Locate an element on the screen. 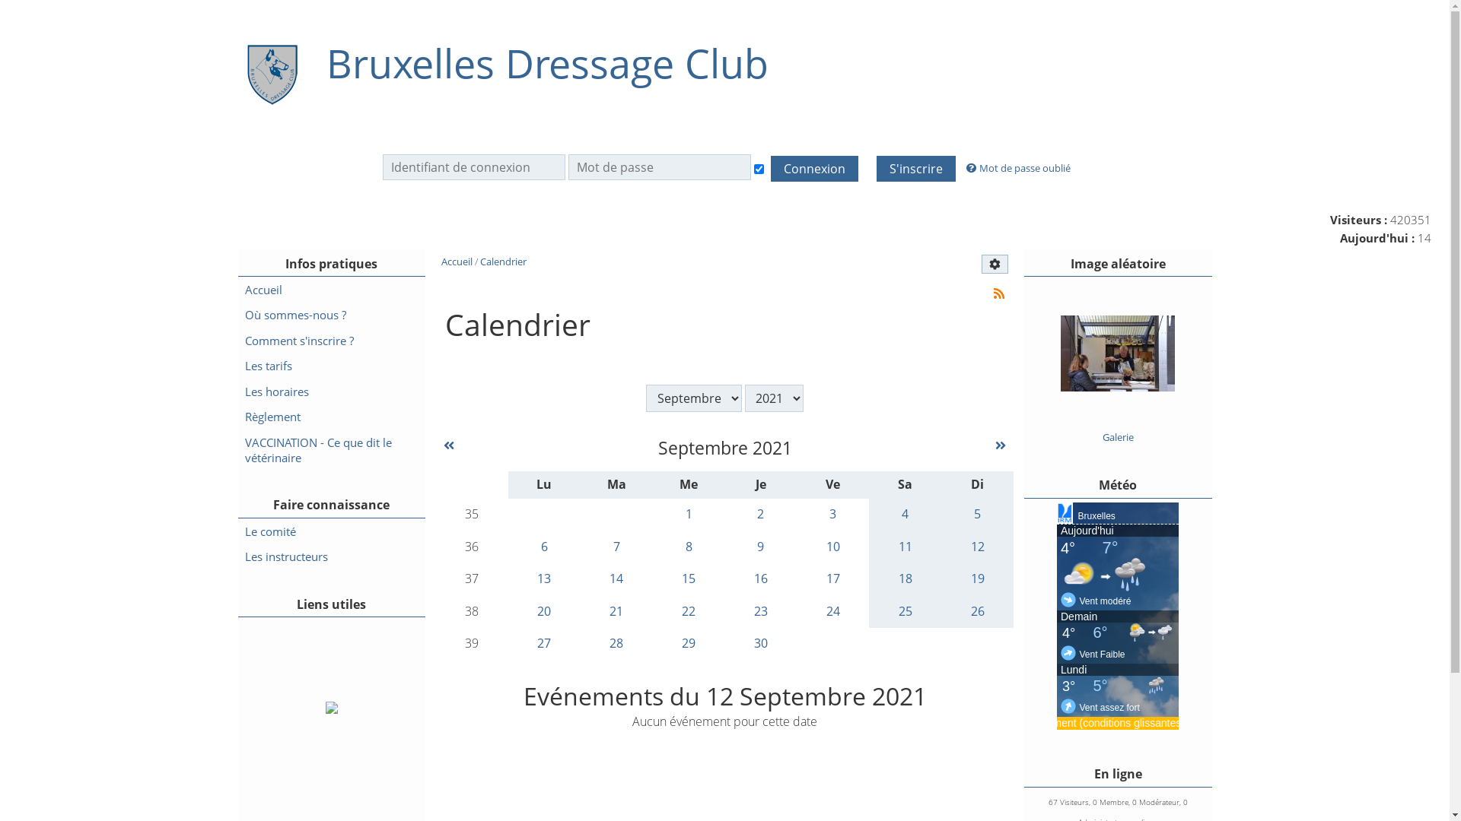  '9' is located at coordinates (760, 546).